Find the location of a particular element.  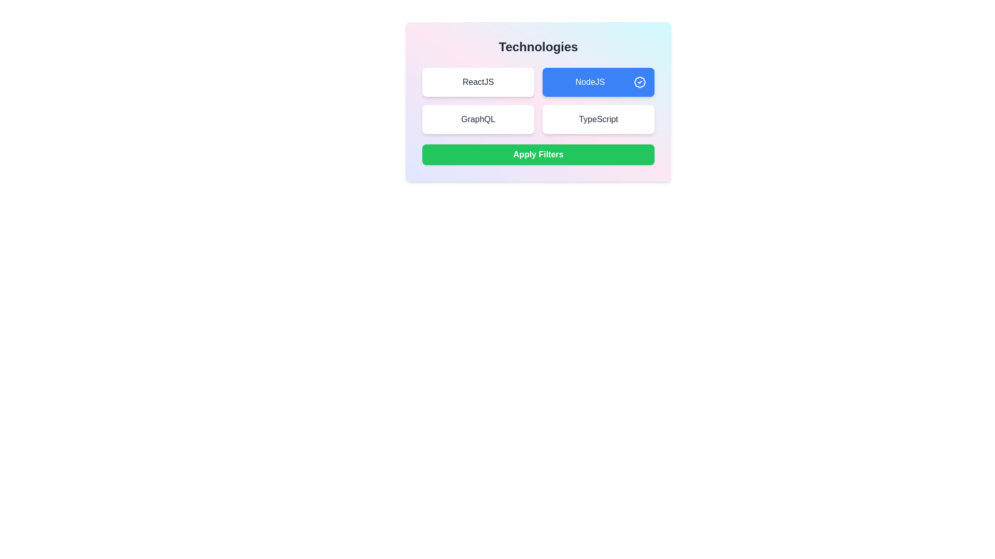

the chip with label TypeScript is located at coordinates (599, 119).